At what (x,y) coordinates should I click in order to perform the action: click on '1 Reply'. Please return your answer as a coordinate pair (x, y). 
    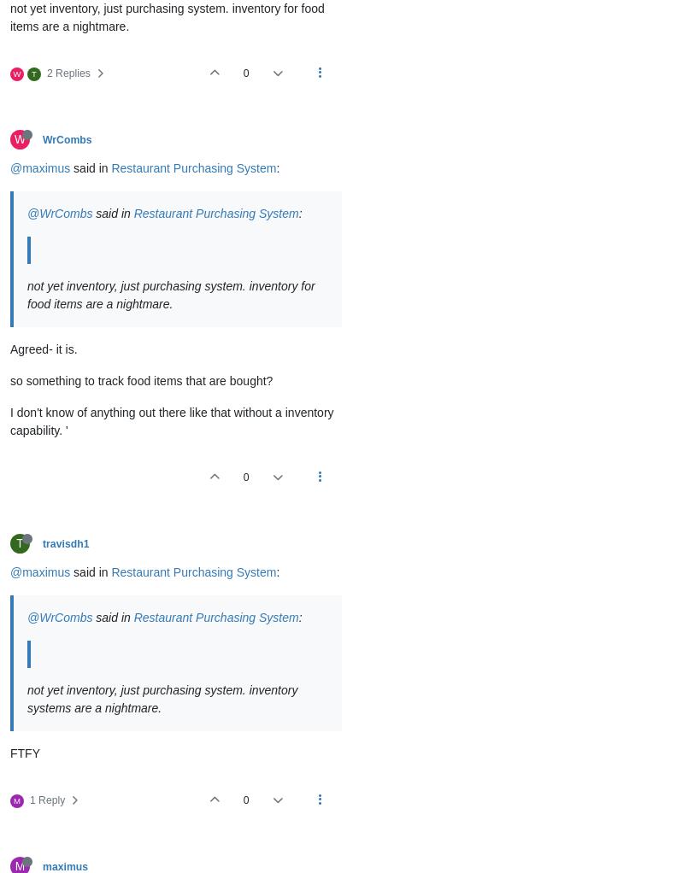
    Looking at the image, I should click on (29, 800).